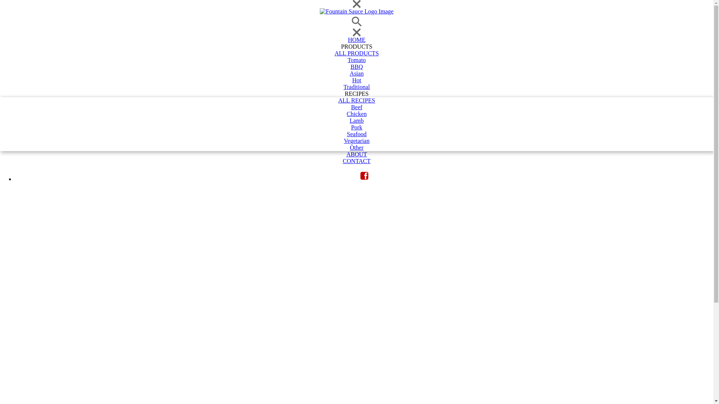 Image resolution: width=719 pixels, height=404 pixels. Describe the element at coordinates (356, 11) in the screenshot. I see `'Fountain Sauces'` at that location.